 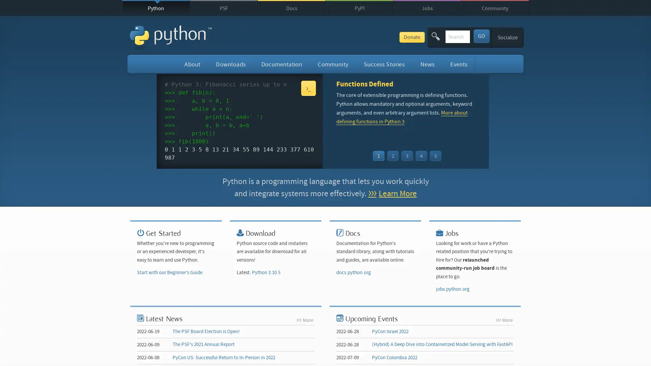 I want to click on GO, so click(x=481, y=36).